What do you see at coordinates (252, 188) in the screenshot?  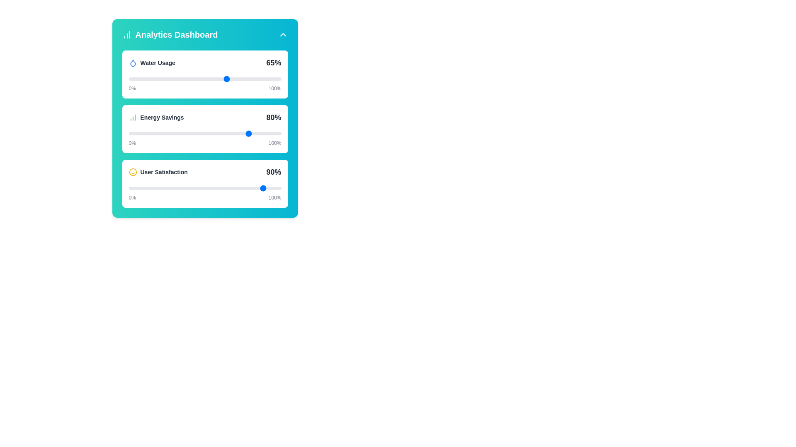 I see `user satisfaction` at bounding box center [252, 188].